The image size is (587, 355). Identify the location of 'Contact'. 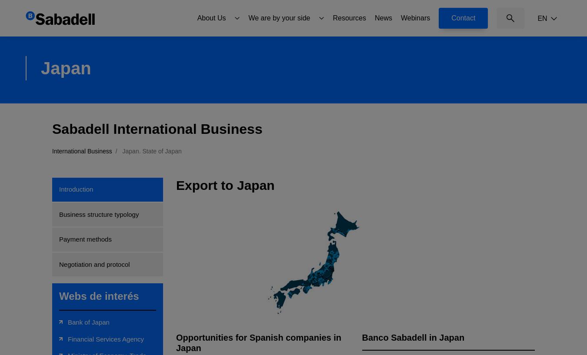
(463, 17).